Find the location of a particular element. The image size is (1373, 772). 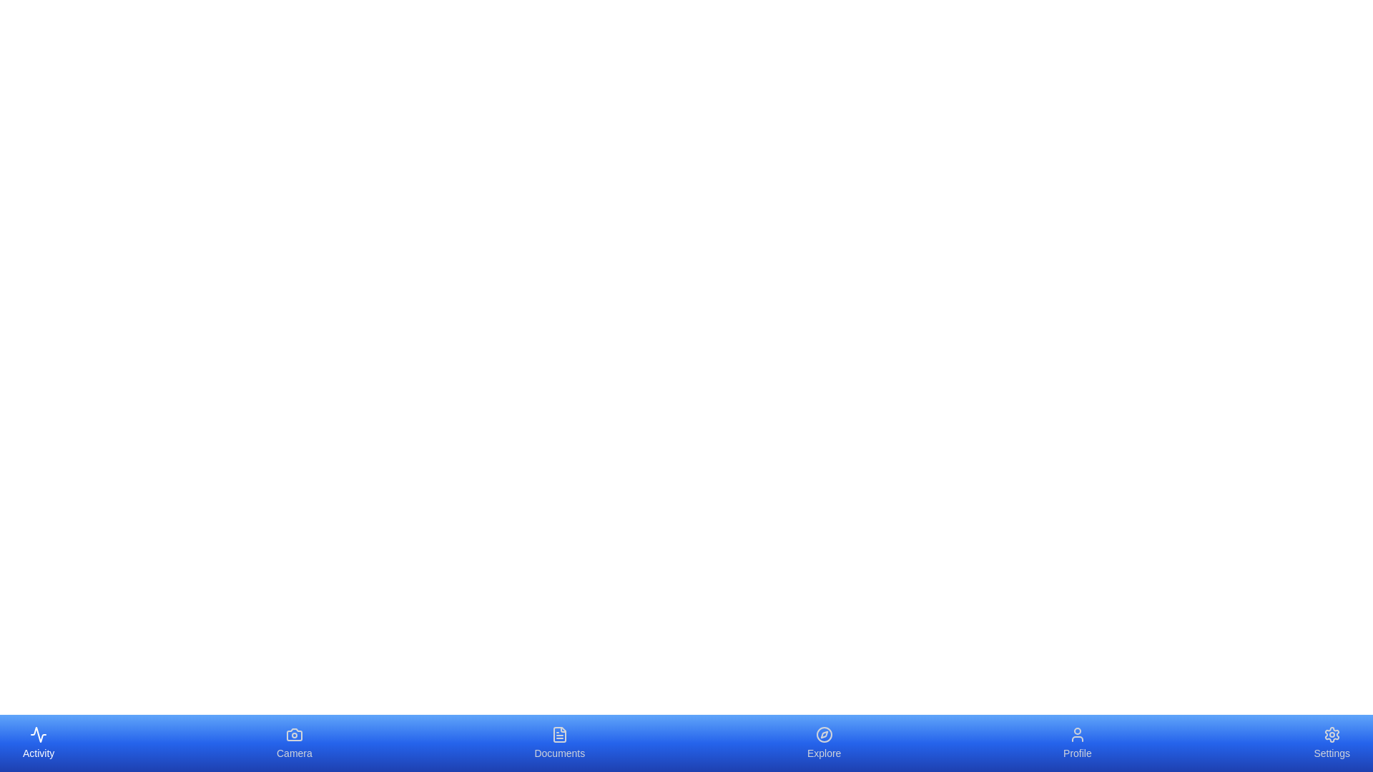

the tab labeled Profile is located at coordinates (1077, 743).